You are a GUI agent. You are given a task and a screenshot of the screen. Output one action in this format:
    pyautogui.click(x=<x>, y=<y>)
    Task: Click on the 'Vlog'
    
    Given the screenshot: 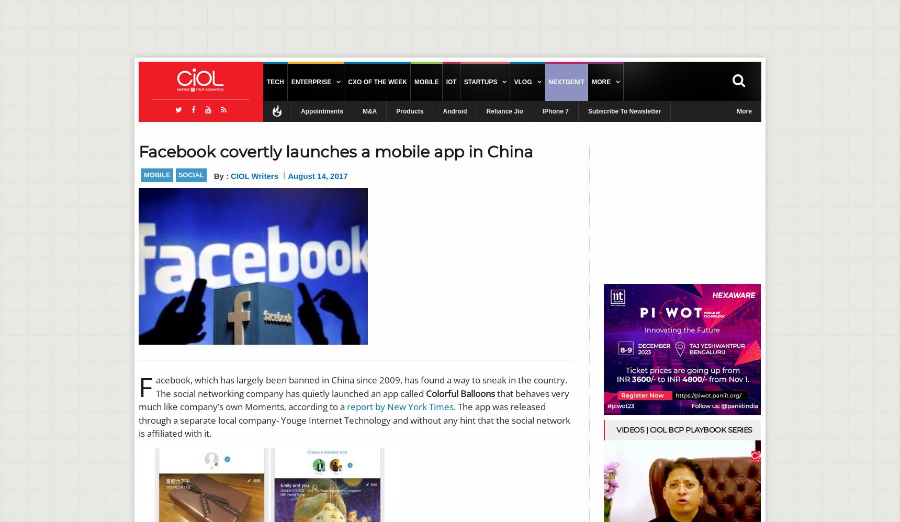 What is the action you would take?
    pyautogui.click(x=513, y=81)
    